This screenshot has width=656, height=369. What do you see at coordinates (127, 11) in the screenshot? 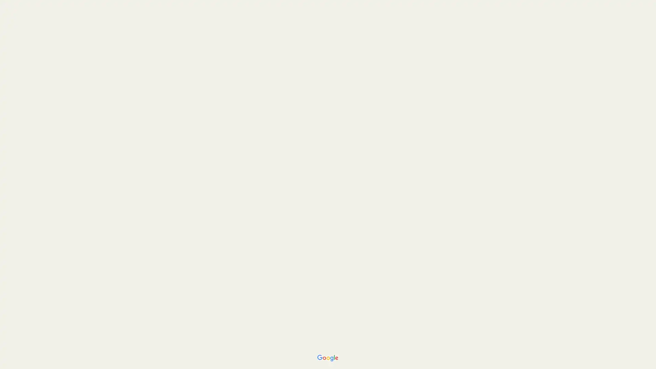
I see `Clear search` at bounding box center [127, 11].